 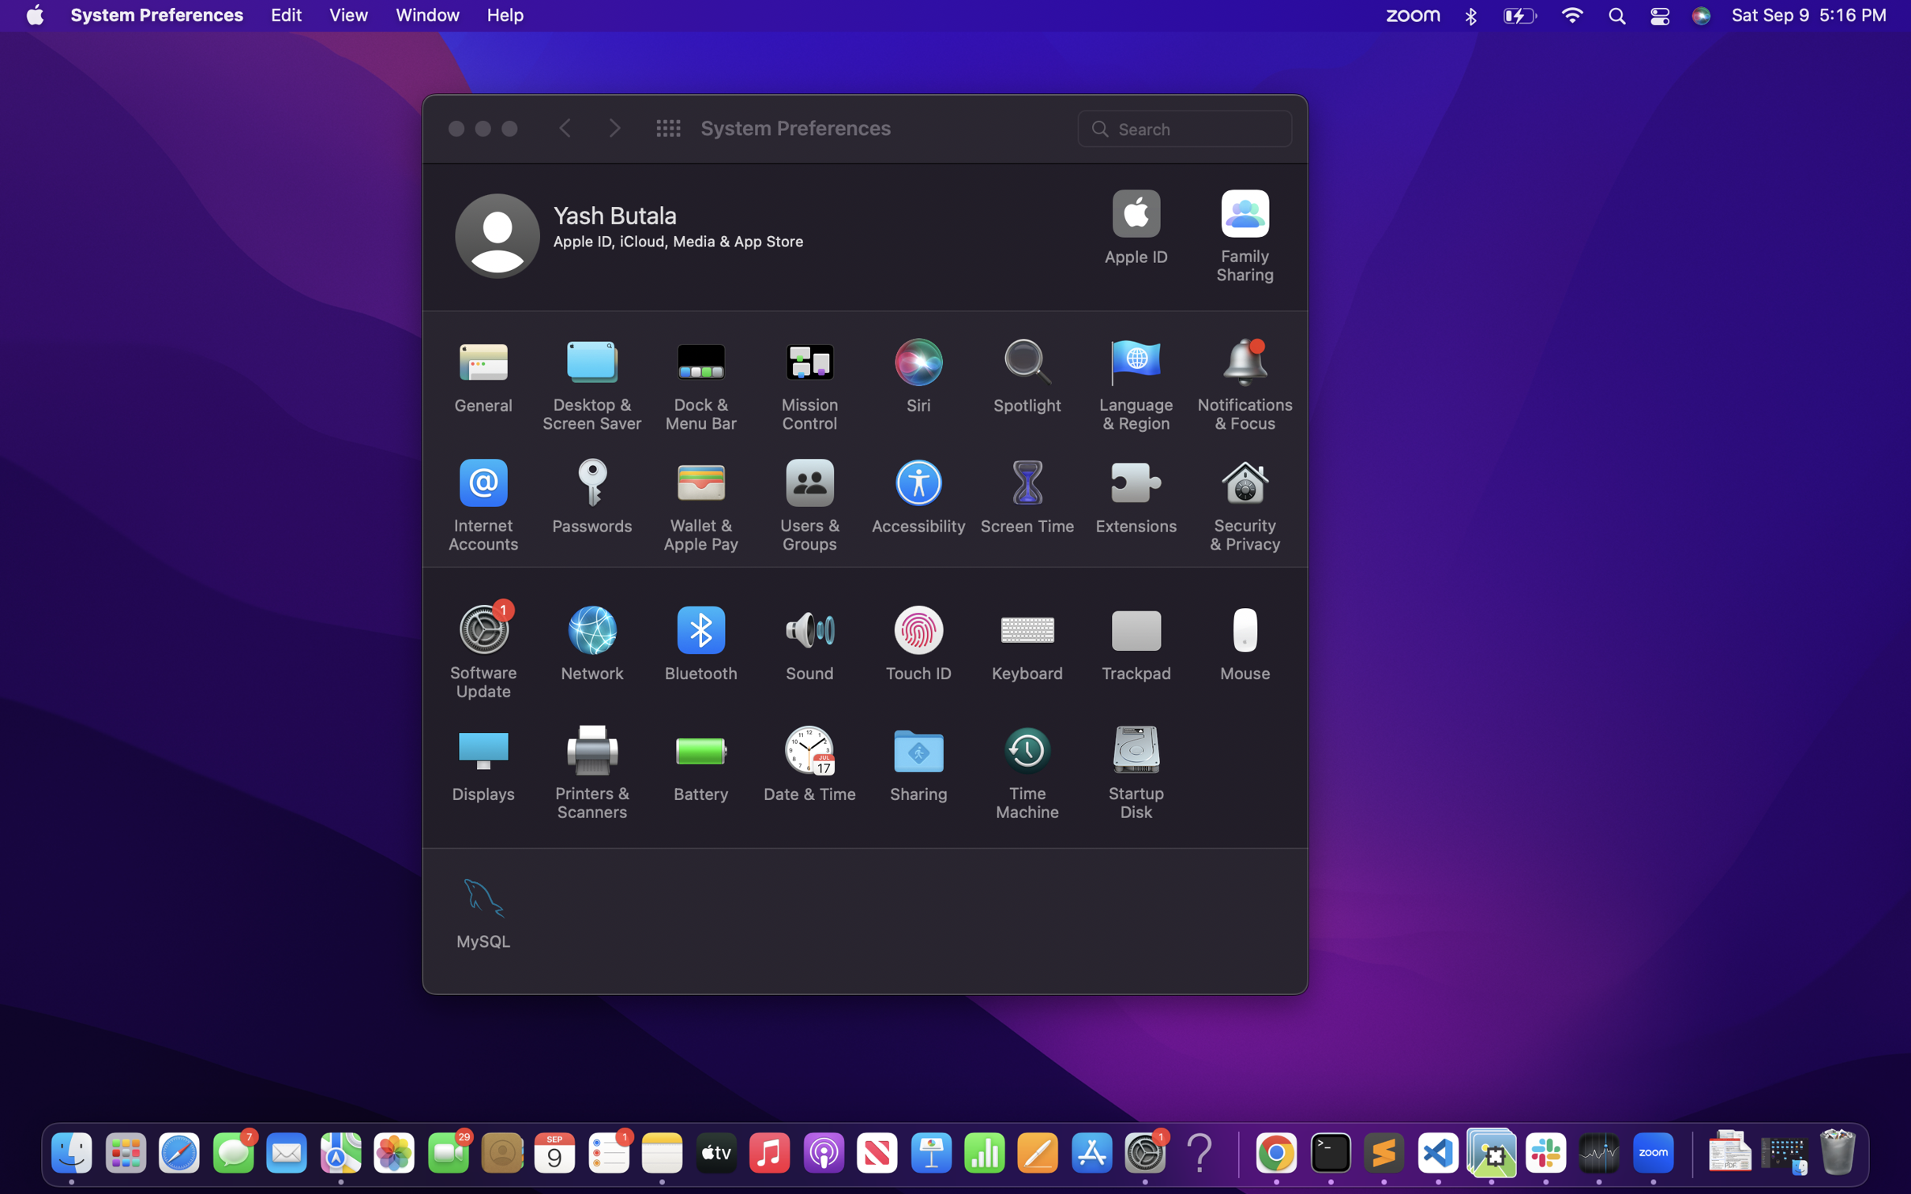 What do you see at coordinates (809, 767) in the screenshot?
I see `Update the system clock to a new time` at bounding box center [809, 767].